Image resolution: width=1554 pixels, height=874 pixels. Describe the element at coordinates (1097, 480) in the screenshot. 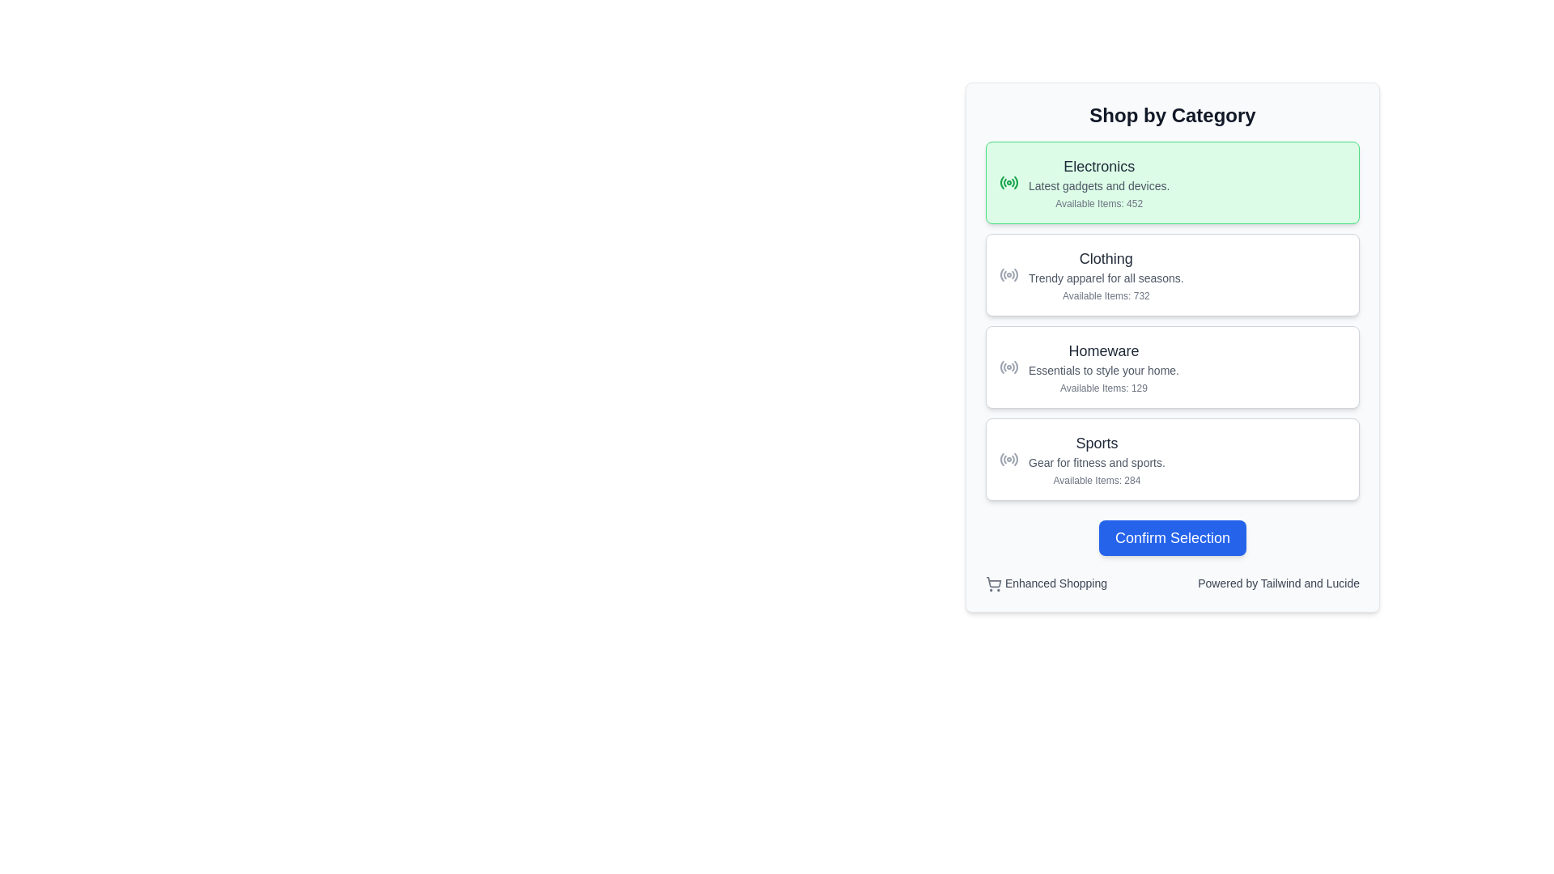

I see `the static text label that displays the number of items available in the 'Sports' category, located at the bottom of the 'Sports' card in the 'Shop by Category' list` at that location.